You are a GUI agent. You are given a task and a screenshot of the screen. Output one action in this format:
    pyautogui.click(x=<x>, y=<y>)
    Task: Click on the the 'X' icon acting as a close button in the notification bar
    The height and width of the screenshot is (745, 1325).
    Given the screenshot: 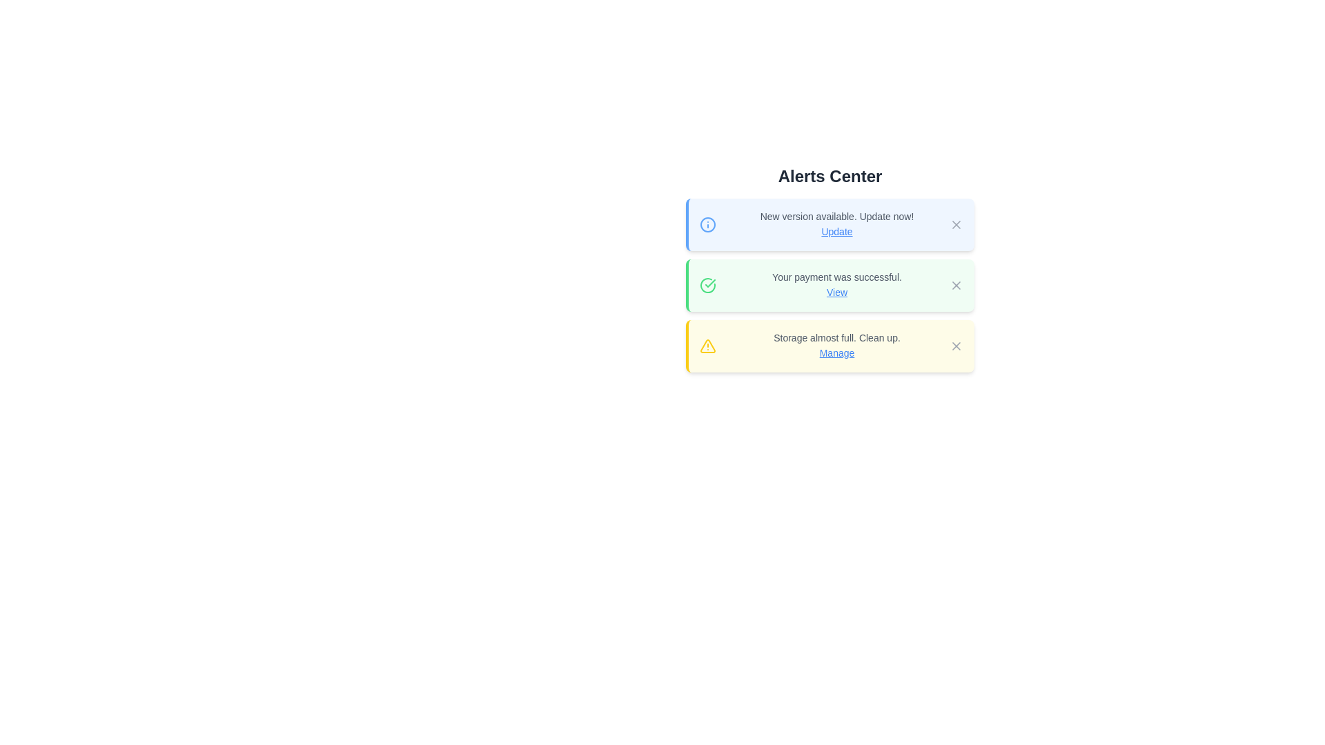 What is the action you would take?
    pyautogui.click(x=956, y=224)
    